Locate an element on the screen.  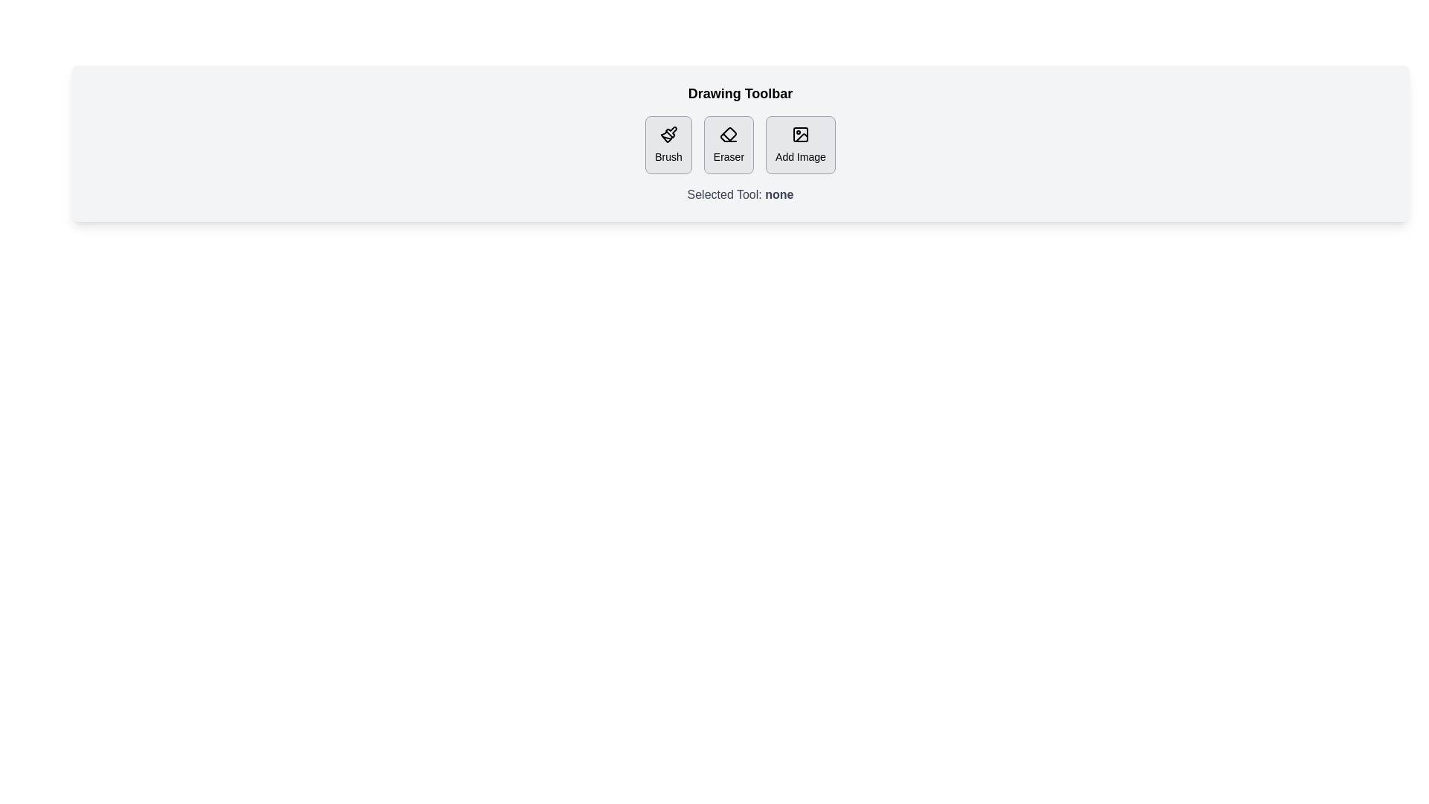
'Add Image' button to select it as the active tool is located at coordinates (799, 145).